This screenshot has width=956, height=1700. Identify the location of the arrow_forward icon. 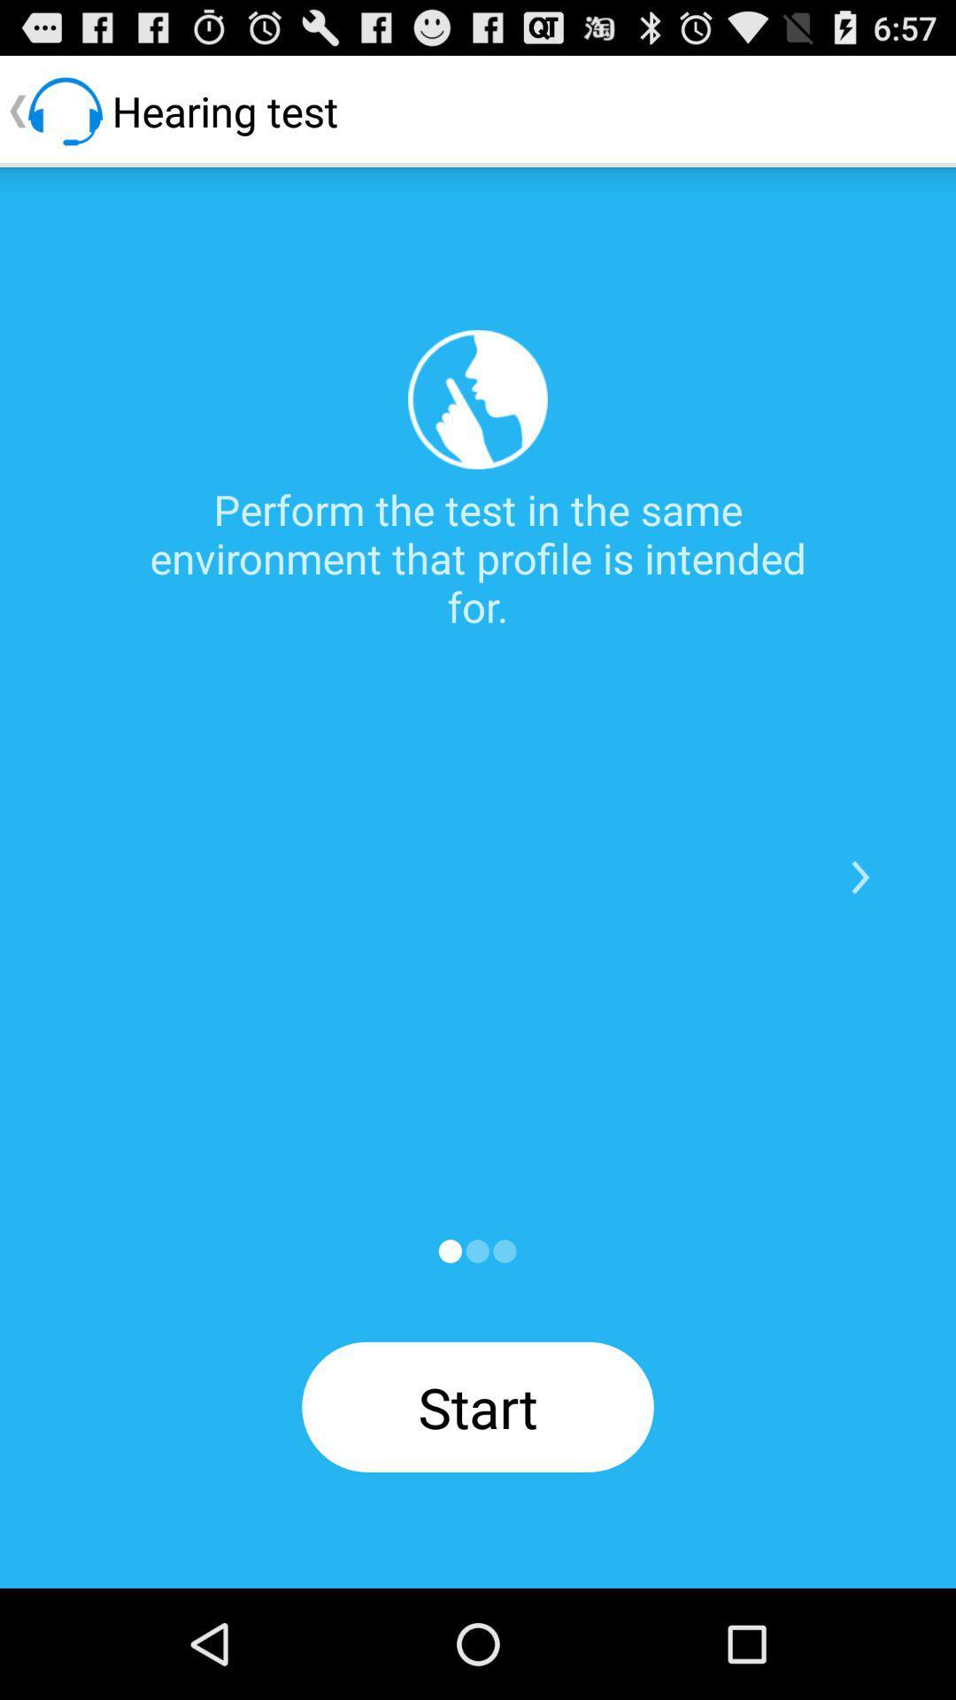
(860, 938).